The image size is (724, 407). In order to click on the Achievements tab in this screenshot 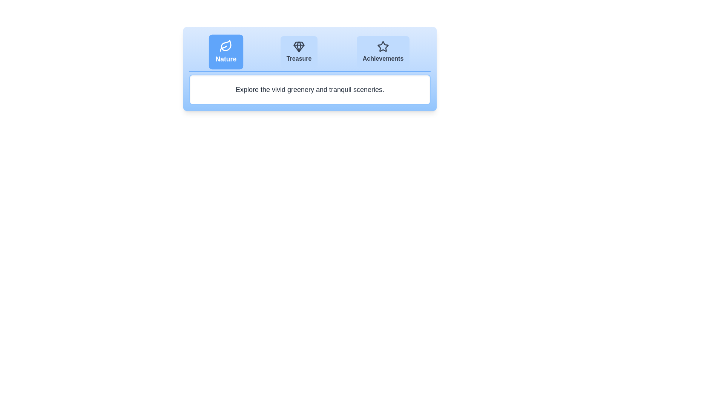, I will do `click(383, 52)`.